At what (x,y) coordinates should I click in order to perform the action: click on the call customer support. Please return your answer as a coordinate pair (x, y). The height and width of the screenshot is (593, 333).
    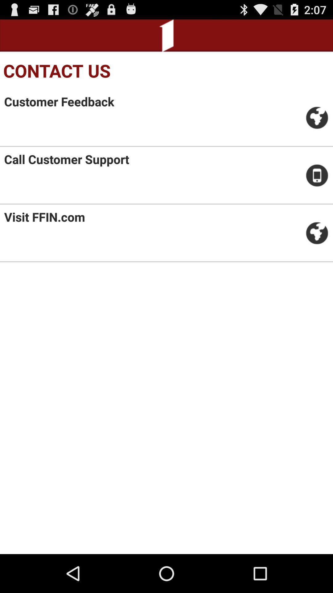
    Looking at the image, I should click on (67, 159).